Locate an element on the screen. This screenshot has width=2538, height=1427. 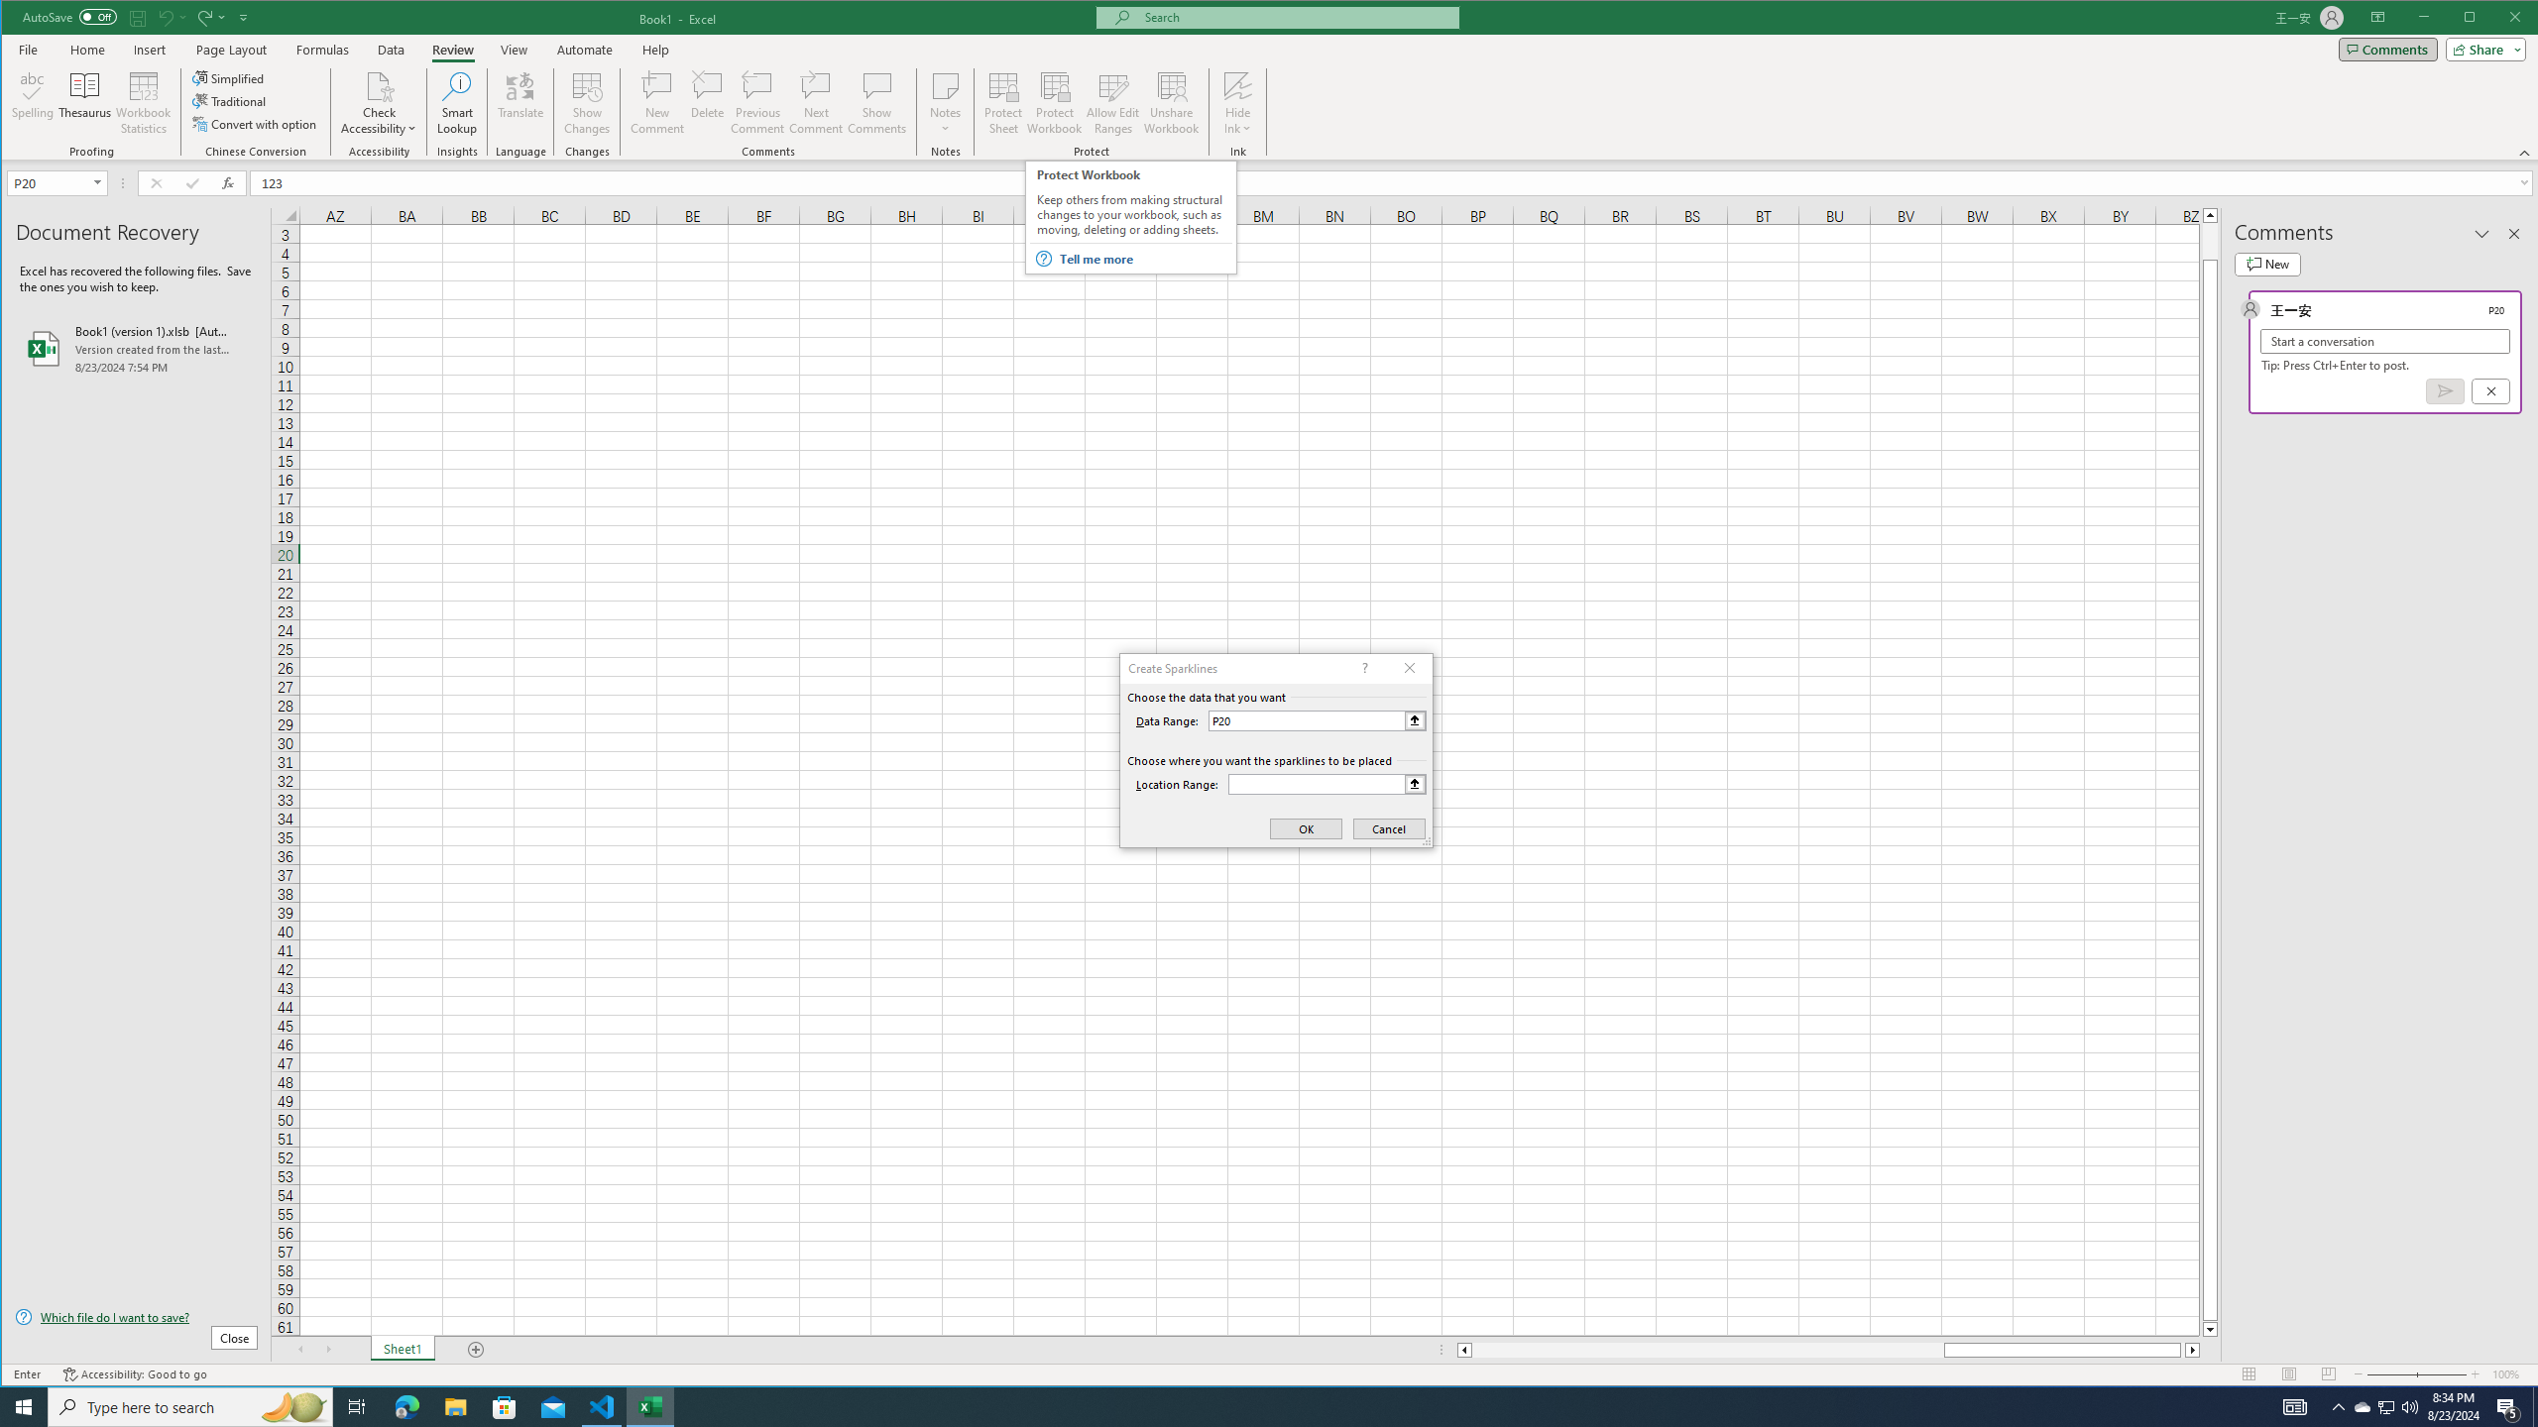
'Delete' is located at coordinates (707, 102).